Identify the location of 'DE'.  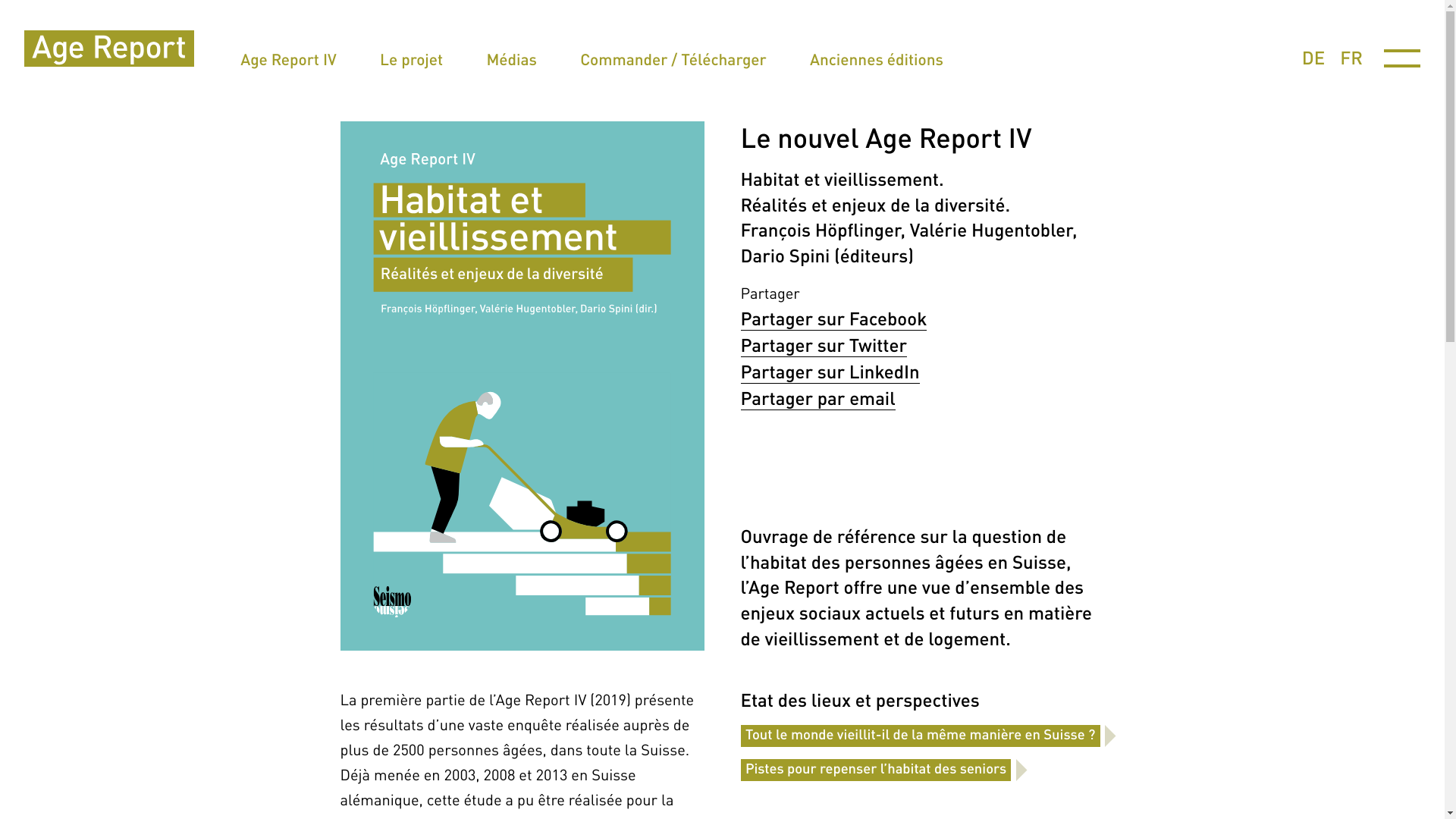
(1313, 56).